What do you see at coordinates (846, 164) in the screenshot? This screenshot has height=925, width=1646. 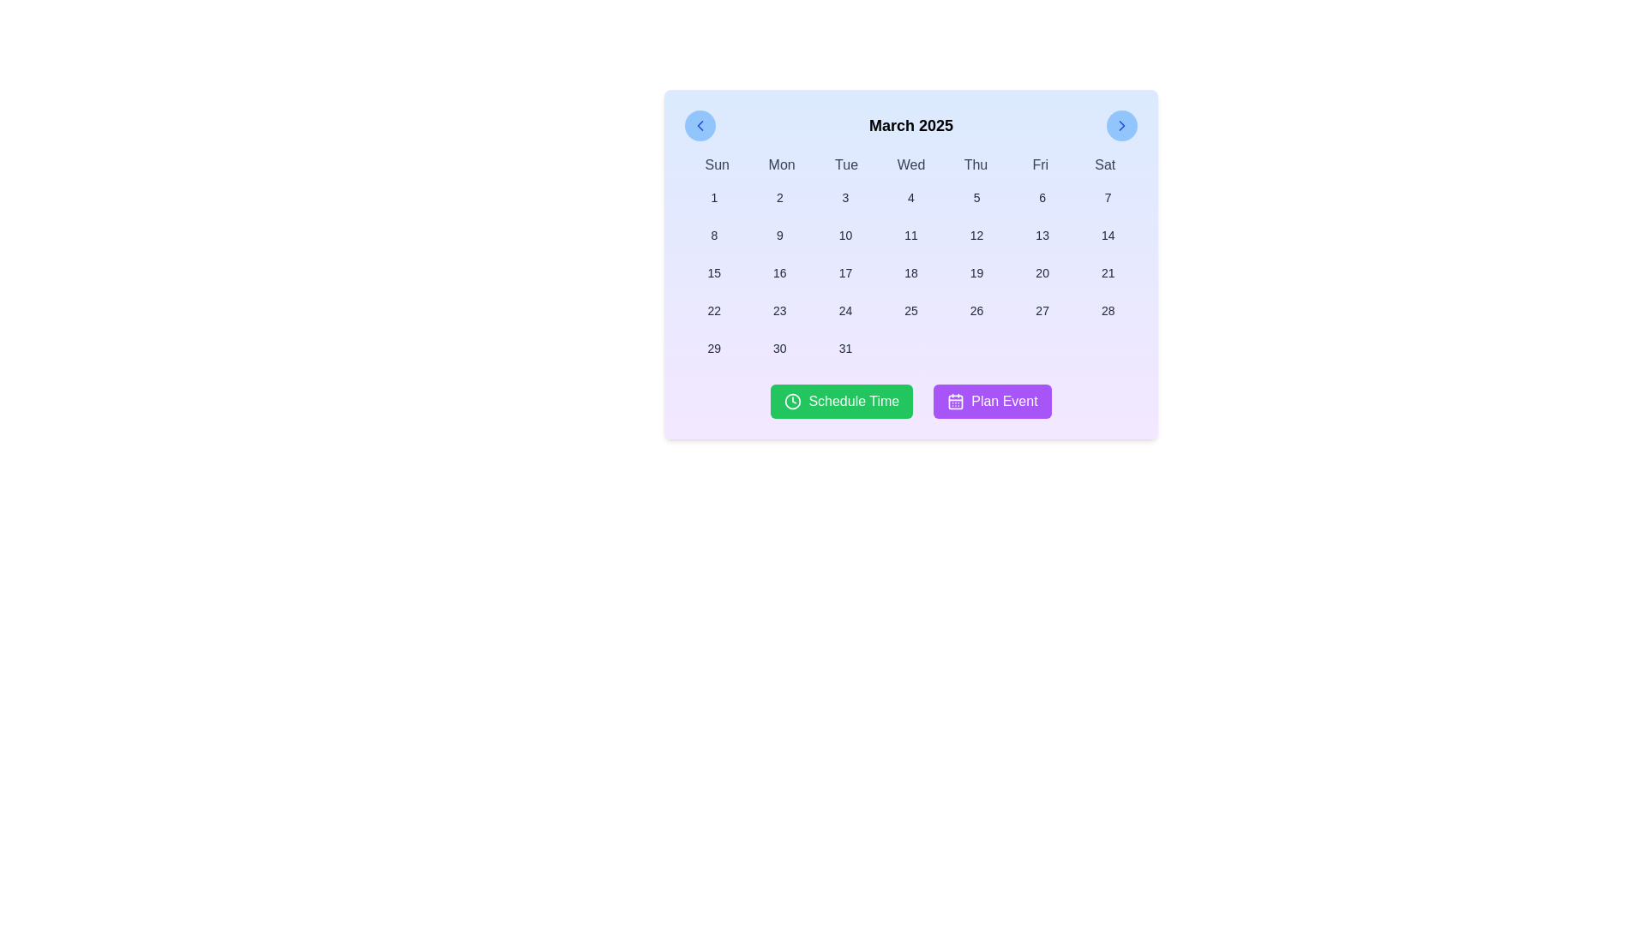 I see `the text label displaying 'Tue', which is part of the weekday abbreviations in the calendar interface` at bounding box center [846, 164].